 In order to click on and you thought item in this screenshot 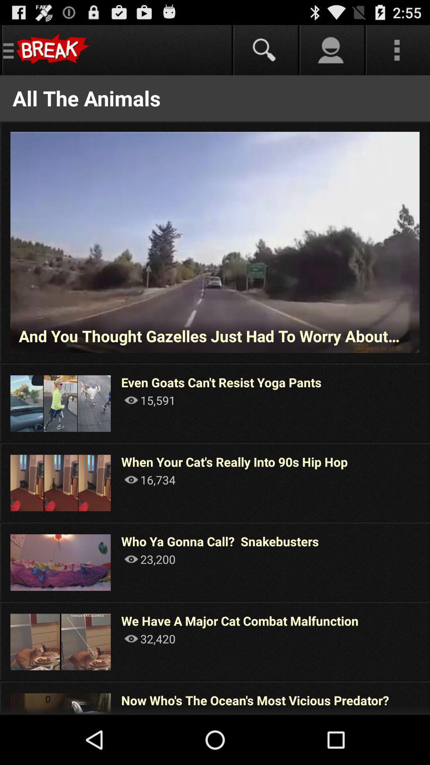, I will do `click(215, 336)`.